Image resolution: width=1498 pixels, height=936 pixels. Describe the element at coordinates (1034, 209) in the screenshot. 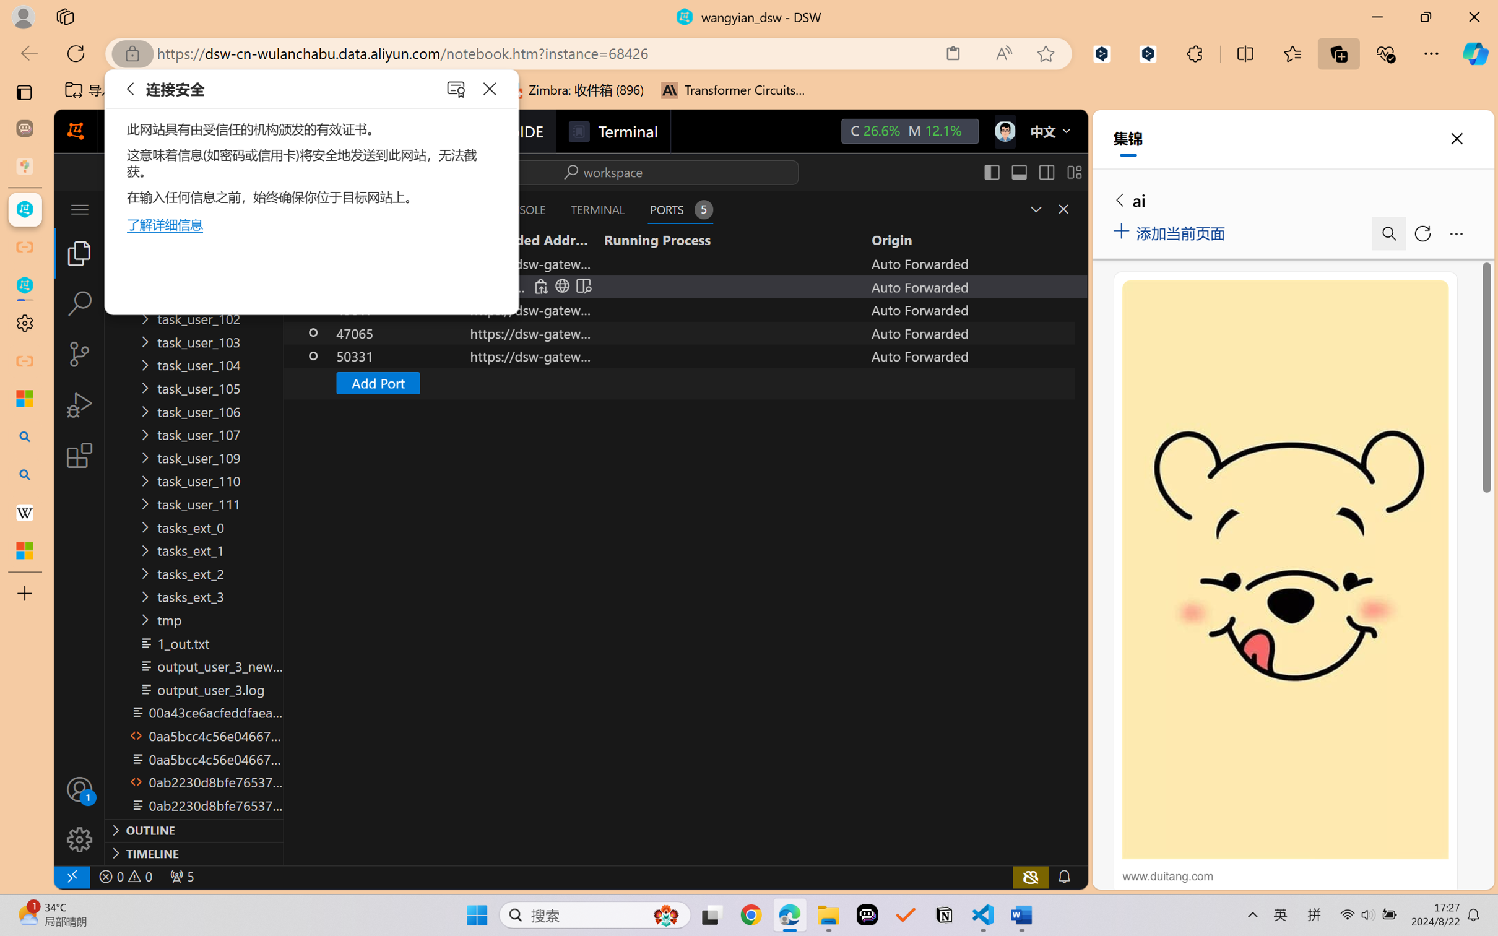

I see `'Restore Panel Size'` at that location.